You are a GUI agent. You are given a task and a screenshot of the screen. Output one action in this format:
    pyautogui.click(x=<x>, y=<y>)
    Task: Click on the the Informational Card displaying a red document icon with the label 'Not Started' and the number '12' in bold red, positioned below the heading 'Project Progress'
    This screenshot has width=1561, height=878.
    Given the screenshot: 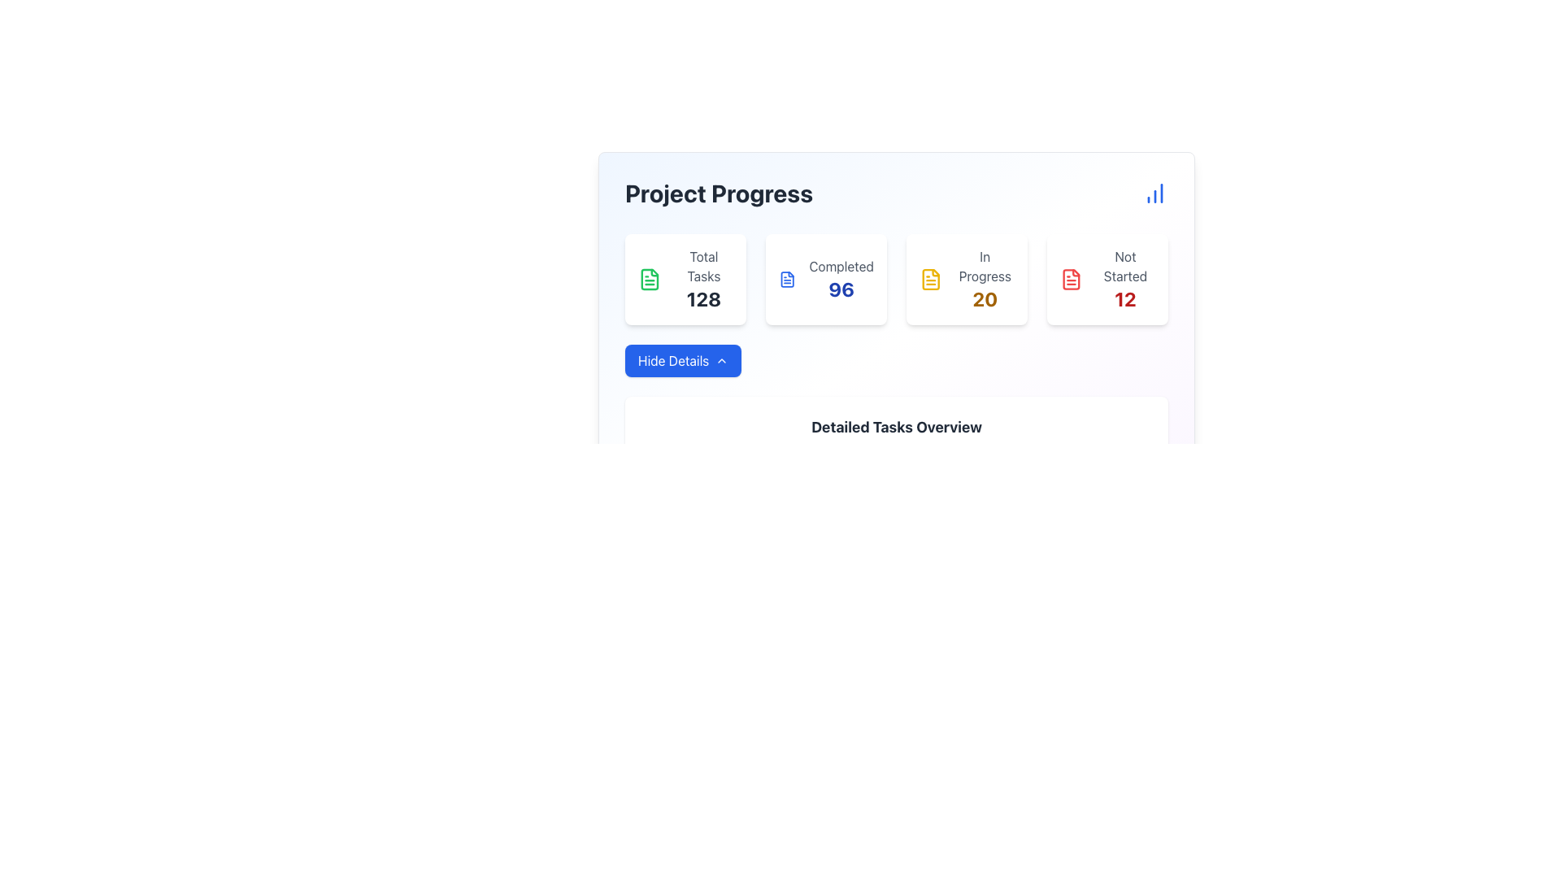 What is the action you would take?
    pyautogui.click(x=1107, y=278)
    